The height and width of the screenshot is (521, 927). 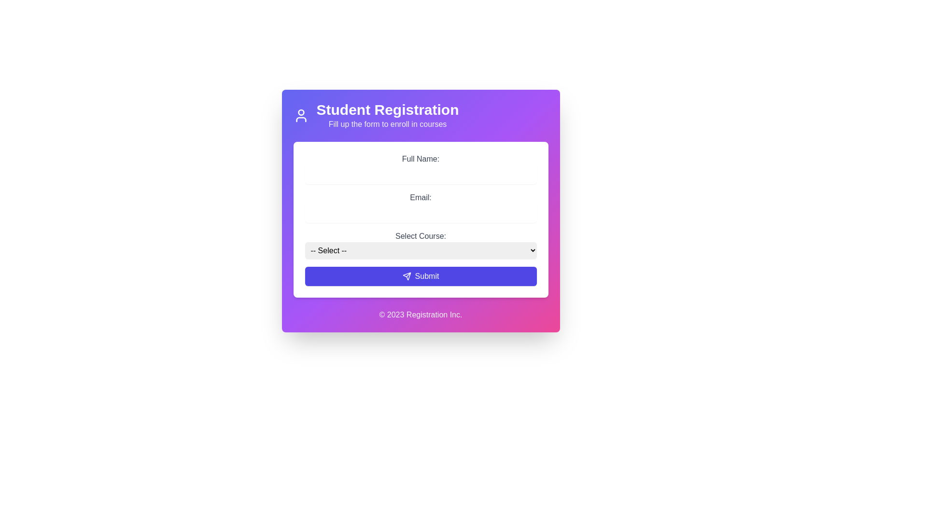 I want to click on the 'Student Registration' header text element, which is prominently displayed in large, bold white font on a purple background at the top of the registration form card, so click(x=387, y=109).